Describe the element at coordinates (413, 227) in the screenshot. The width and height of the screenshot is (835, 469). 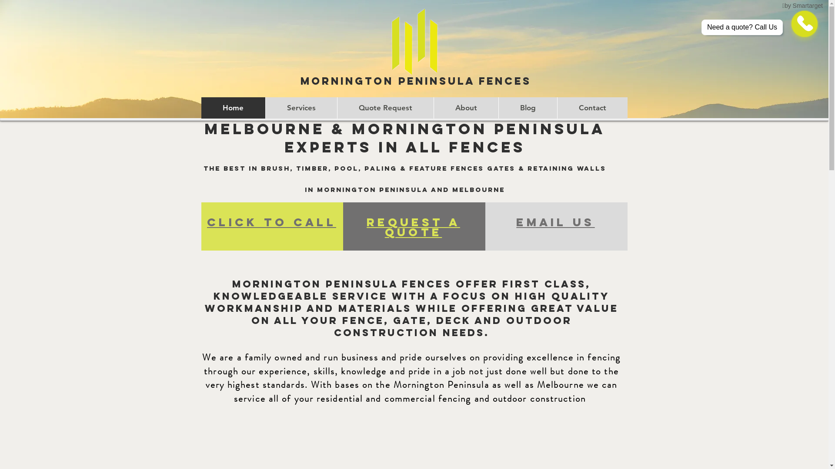
I see `'request a quote'` at that location.